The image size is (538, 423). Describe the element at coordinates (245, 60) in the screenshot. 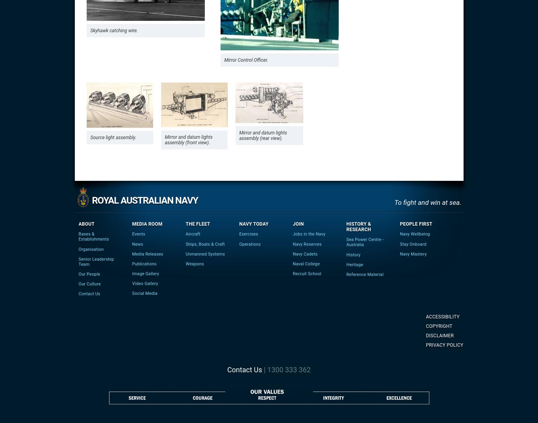

I see `'Mirror Control Officer.'` at that location.